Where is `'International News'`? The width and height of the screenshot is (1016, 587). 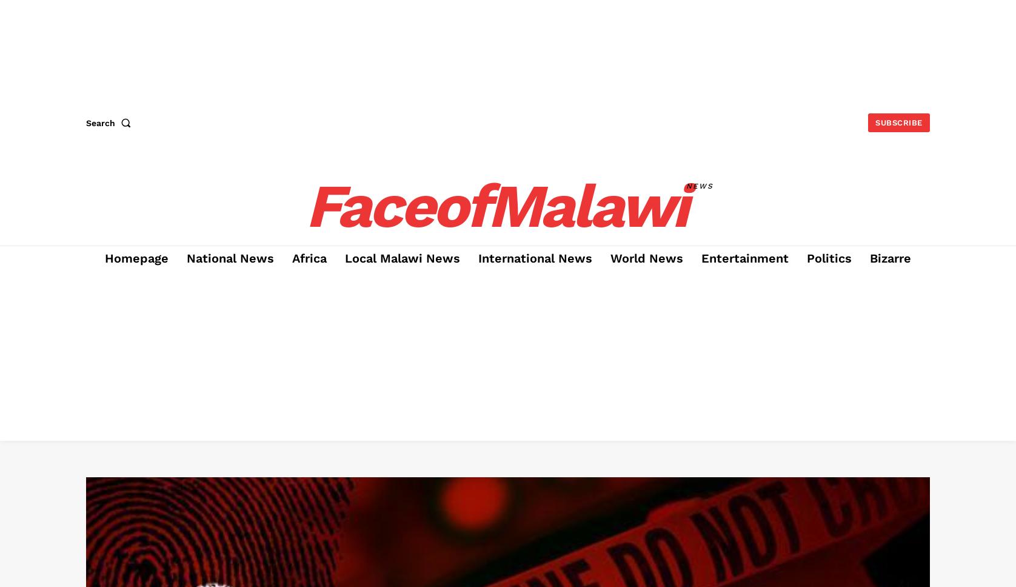
'International News' is located at coordinates (535, 258).